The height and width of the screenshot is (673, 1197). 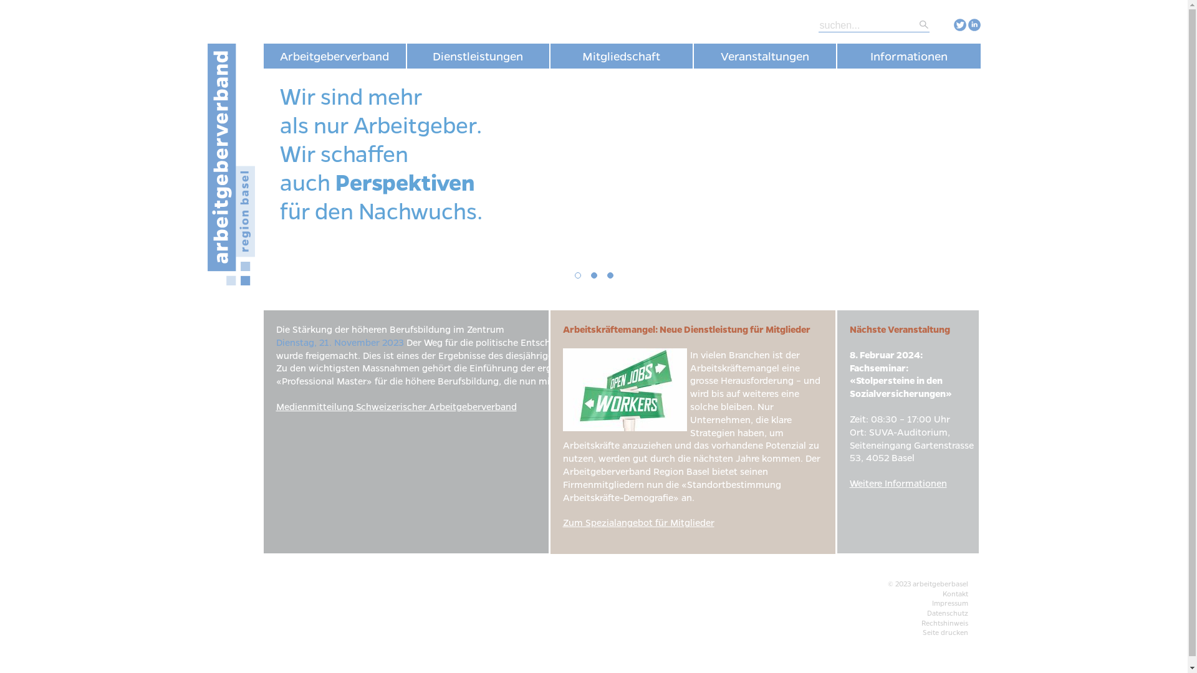 I want to click on 'Rechtshinweis', so click(x=921, y=623).